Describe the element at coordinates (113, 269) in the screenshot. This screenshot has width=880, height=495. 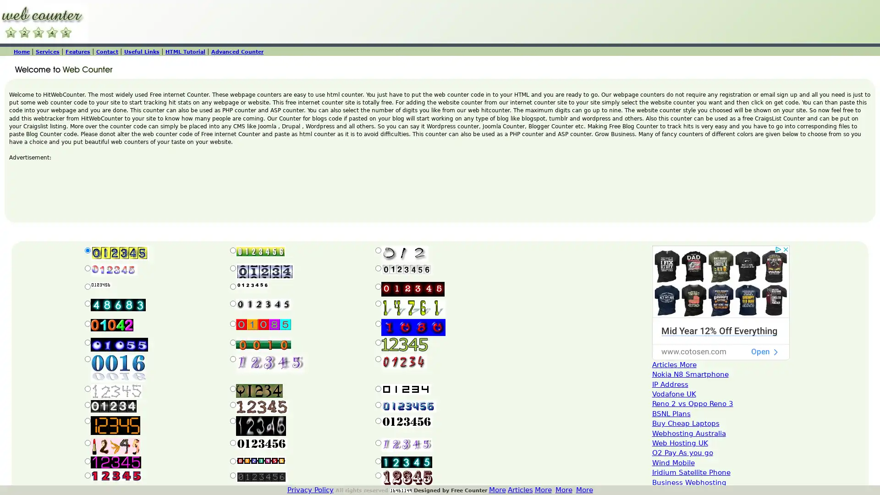
I see `Submit` at that location.